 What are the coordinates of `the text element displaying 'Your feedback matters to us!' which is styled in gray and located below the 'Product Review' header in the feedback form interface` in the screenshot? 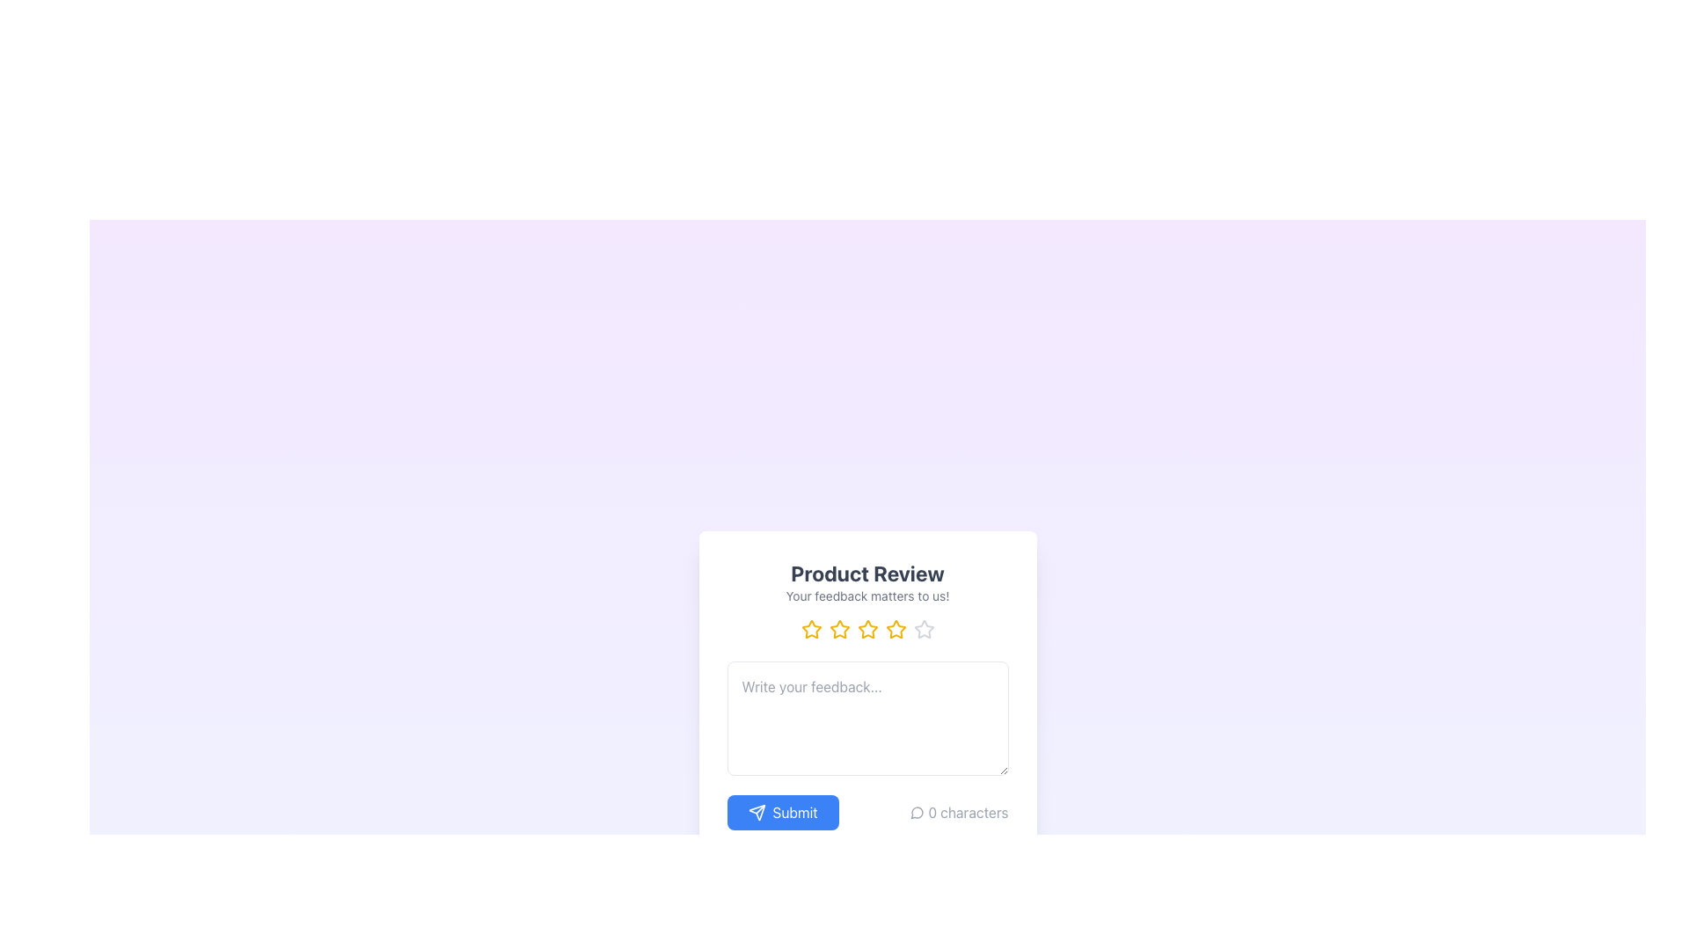 It's located at (867, 596).